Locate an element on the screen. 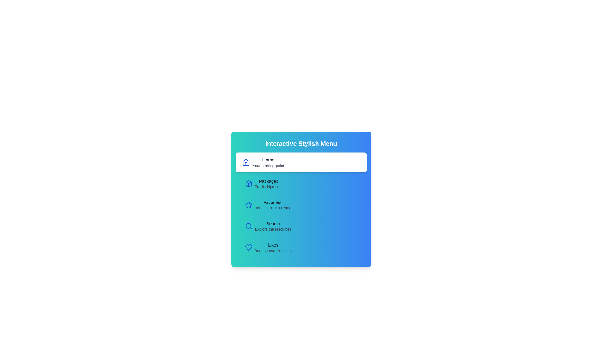 The width and height of the screenshot is (600, 338). the menu item Favorites is located at coordinates (301, 205).